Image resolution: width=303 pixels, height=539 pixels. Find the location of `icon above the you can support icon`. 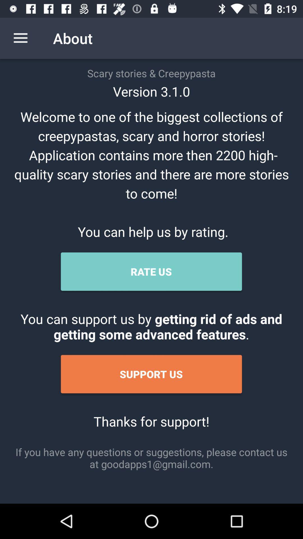

icon above the you can support icon is located at coordinates (151, 271).